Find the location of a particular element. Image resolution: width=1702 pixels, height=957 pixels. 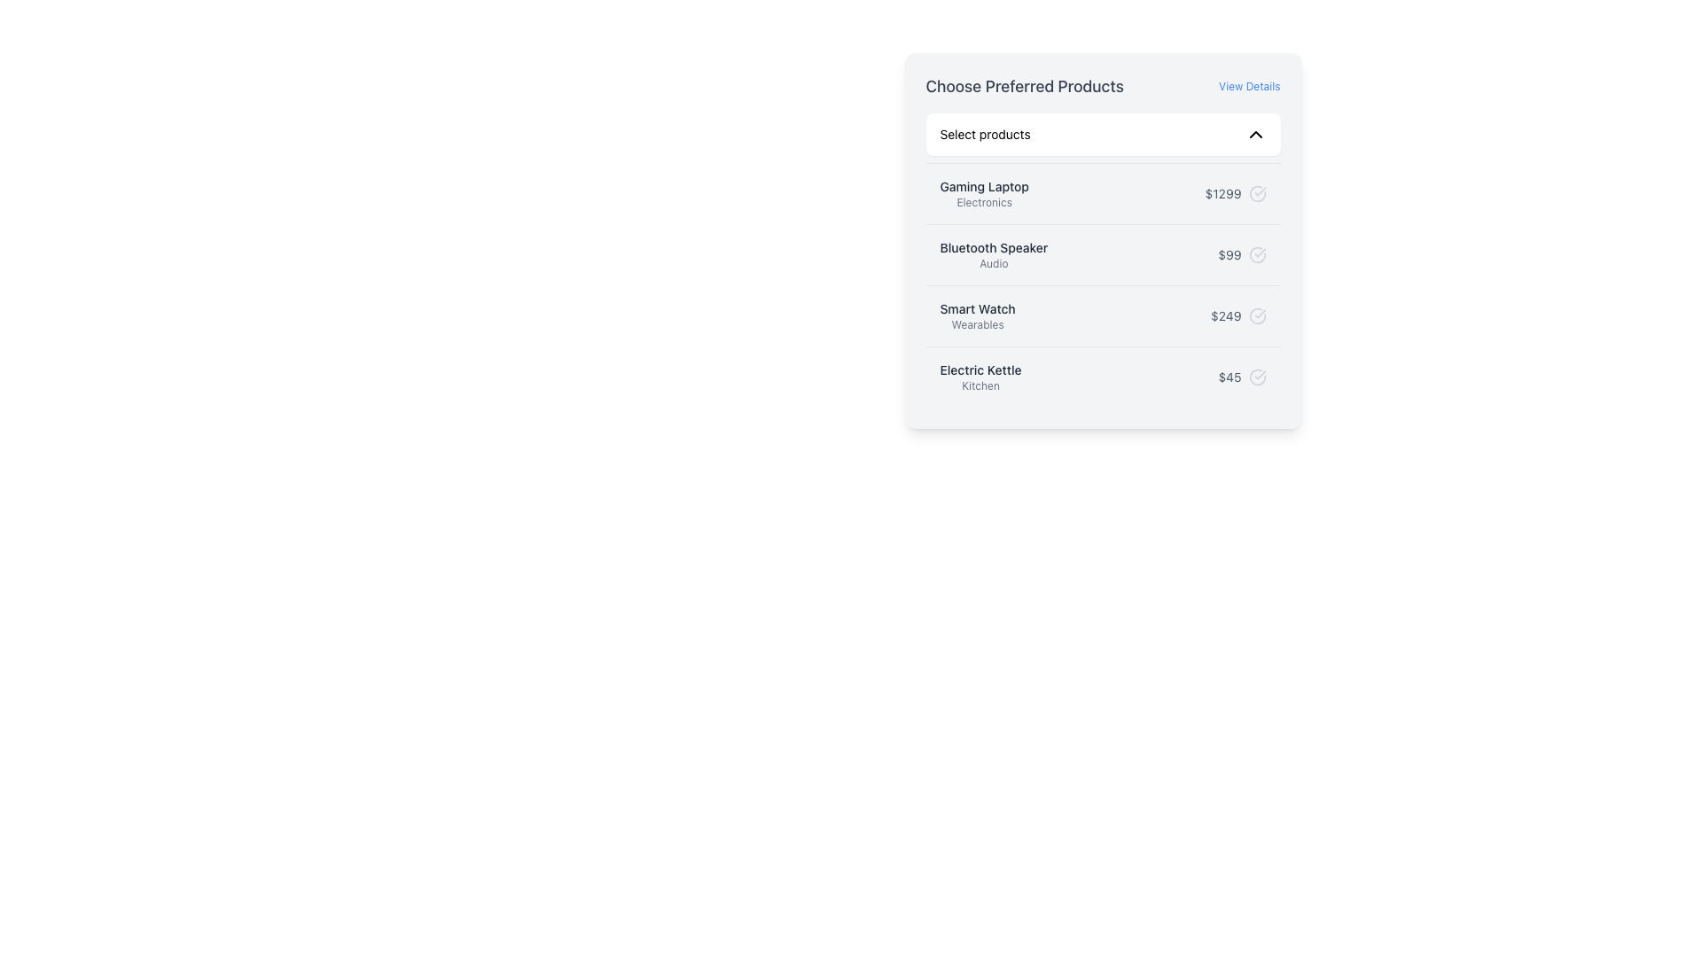

the third item in a vertical list within a bordered card is located at coordinates (1102, 315).